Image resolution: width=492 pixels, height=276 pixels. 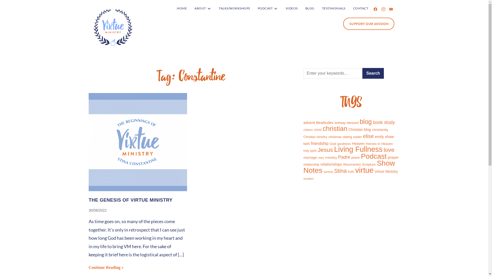 What do you see at coordinates (368, 136) in the screenshot?
I see `'elise'` at bounding box center [368, 136].